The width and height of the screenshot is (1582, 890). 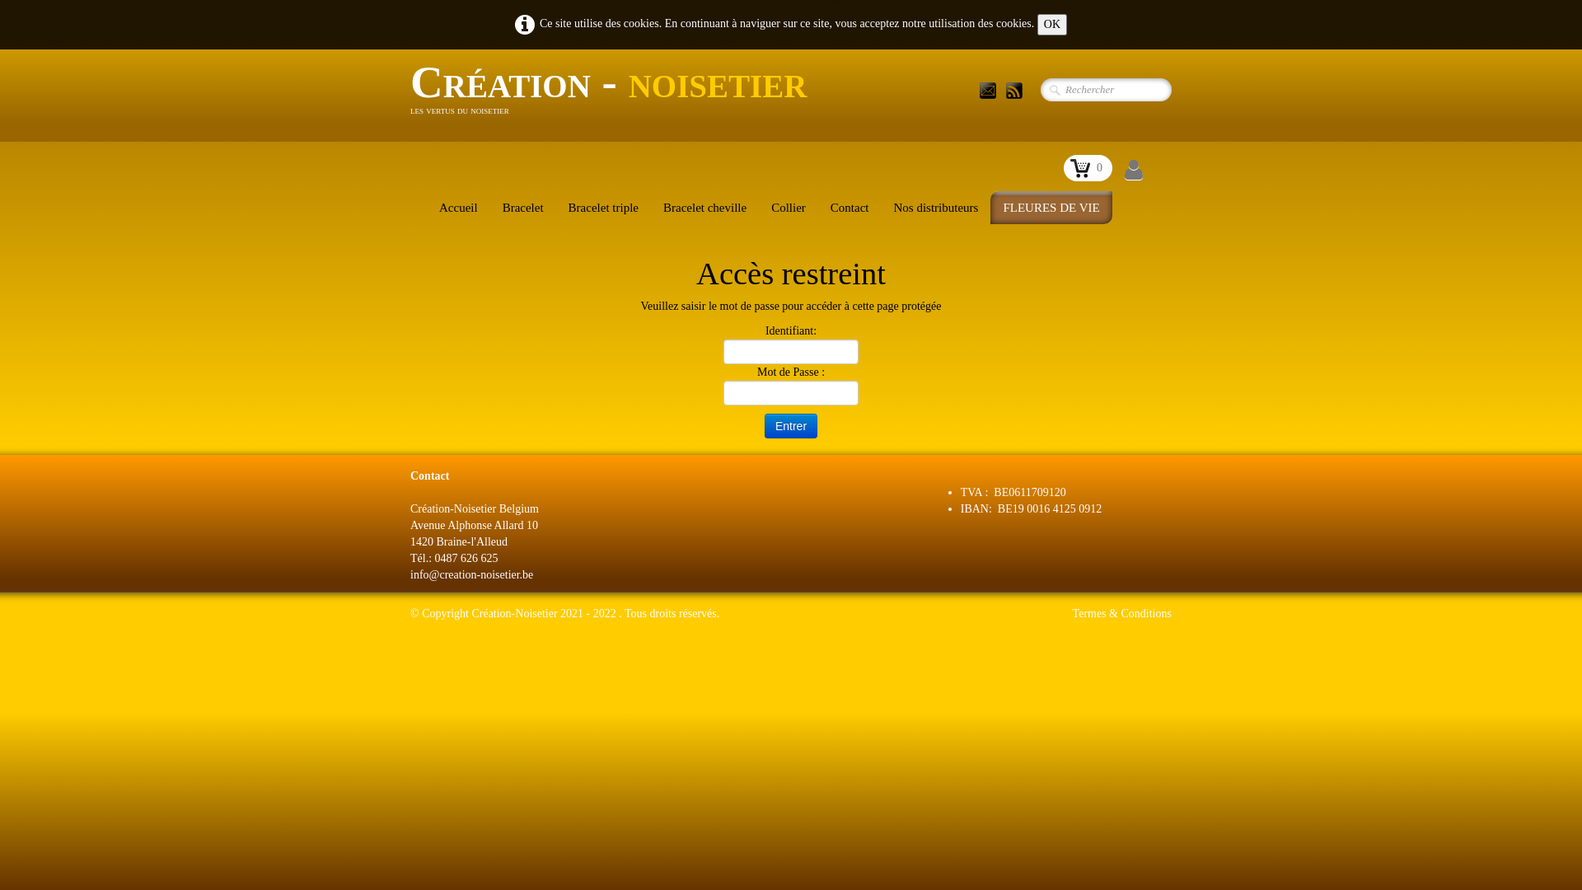 What do you see at coordinates (787, 206) in the screenshot?
I see `'Collier'` at bounding box center [787, 206].